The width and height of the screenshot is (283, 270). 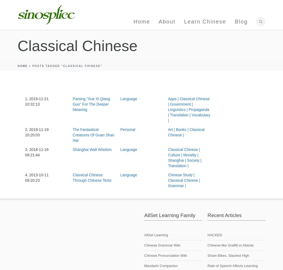 I want to click on 'art', so click(x=171, y=129).